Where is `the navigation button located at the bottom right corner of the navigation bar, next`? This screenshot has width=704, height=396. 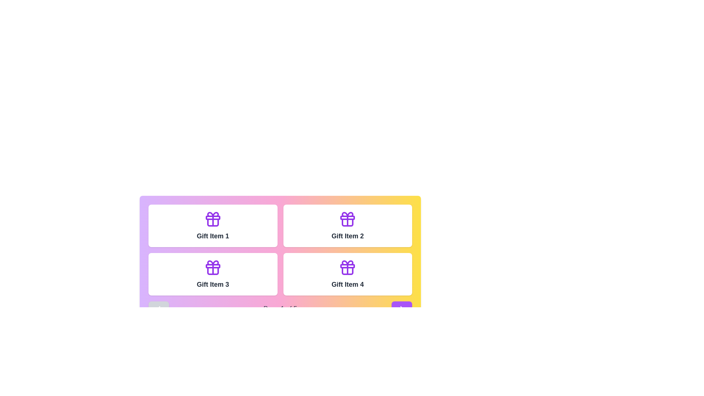 the navigation button located at the bottom right corner of the navigation bar, next is located at coordinates (401, 308).